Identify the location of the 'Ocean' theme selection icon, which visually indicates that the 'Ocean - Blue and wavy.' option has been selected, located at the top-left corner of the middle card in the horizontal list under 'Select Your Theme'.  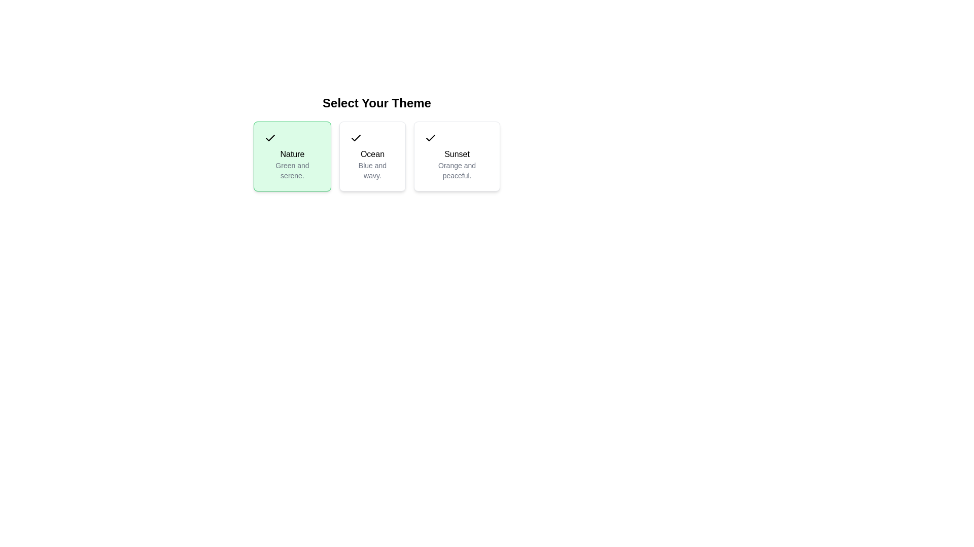
(356, 138).